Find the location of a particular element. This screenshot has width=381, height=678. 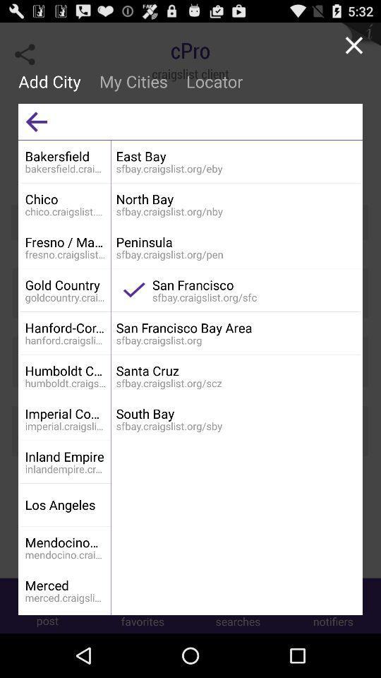

the item above peninsula icon is located at coordinates (236, 198).